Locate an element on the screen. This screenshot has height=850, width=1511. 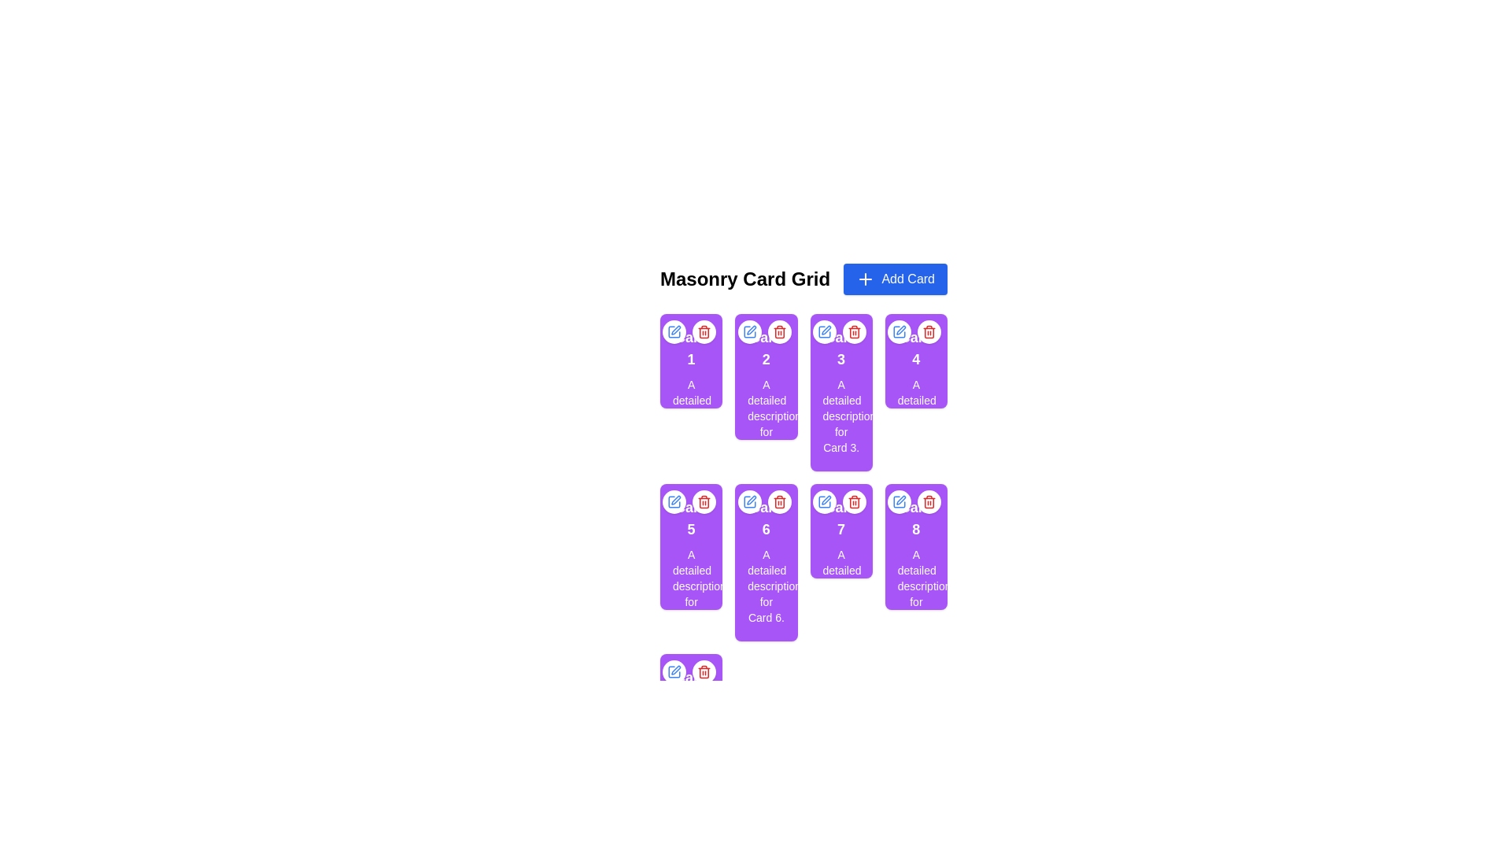
the edit icon located at the top-left corner of card '6' is located at coordinates (748, 501).